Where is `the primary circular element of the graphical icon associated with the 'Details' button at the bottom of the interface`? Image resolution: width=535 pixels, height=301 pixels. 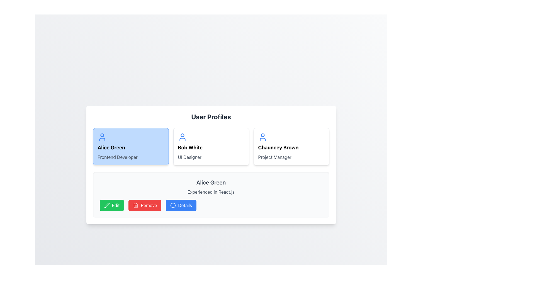
the primary circular element of the graphical icon associated with the 'Details' button at the bottom of the interface is located at coordinates (173, 205).